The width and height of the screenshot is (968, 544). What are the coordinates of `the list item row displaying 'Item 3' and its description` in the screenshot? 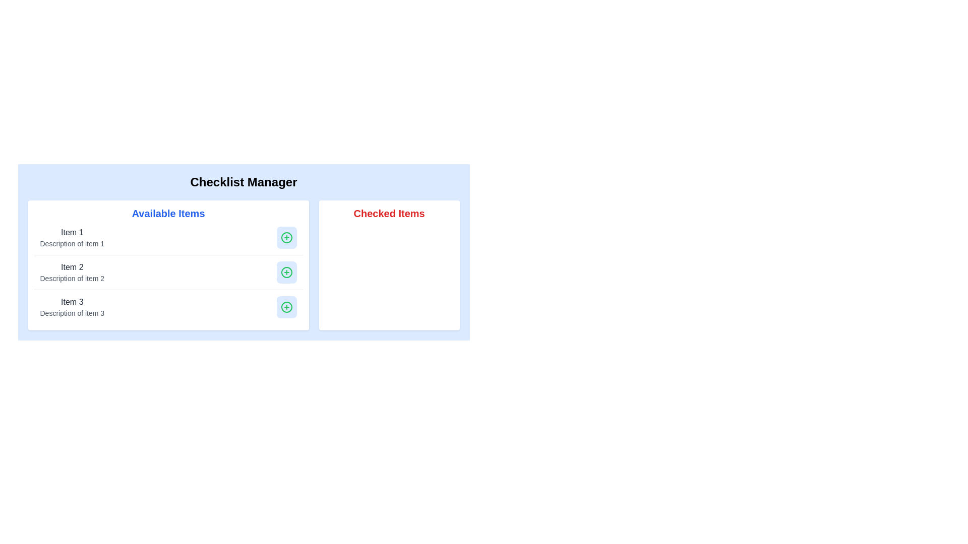 It's located at (168, 306).